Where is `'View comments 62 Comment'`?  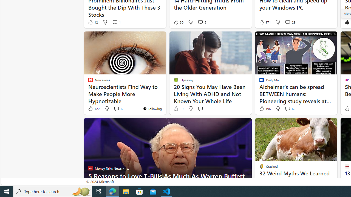 'View comments 62 Comment' is located at coordinates (287, 109).